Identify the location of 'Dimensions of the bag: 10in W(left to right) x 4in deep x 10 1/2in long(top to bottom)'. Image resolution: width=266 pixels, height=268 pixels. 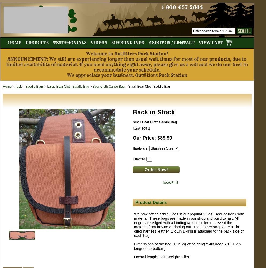
(187, 246).